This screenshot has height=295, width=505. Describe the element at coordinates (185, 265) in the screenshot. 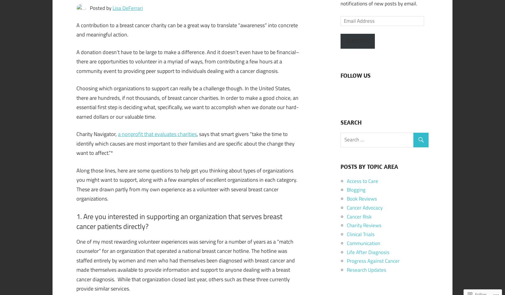

I see `'One of my most rewarding volunteer experiences was serving for a number of years as a “match counselor” for an organization that operated a national breast cancer hotline. The hotline was staffed entirely by women and men who had themselves been diagnosed with breast cancer and made themselves available to provide information and support to anyone dealing with a breast cancer diagnosis.  While that organization closed last year, others such as these three currently provide similar services.'` at that location.